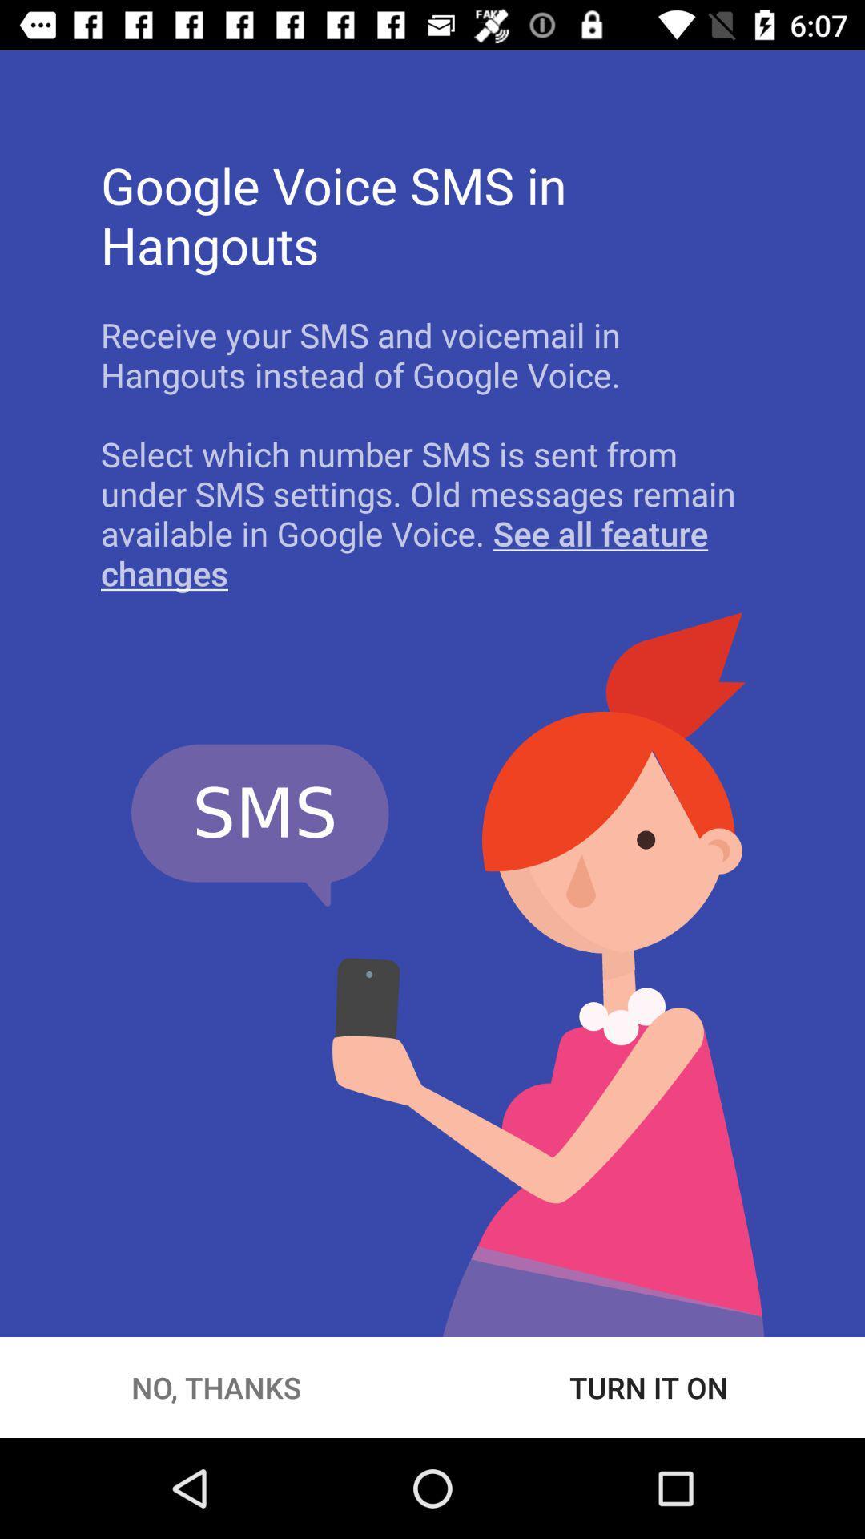  What do you see at coordinates (649, 1387) in the screenshot?
I see `turn it on at the bottom right corner` at bounding box center [649, 1387].